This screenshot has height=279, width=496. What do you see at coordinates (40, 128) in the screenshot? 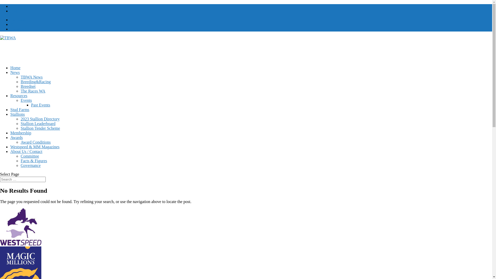
I see `'Stallion Tender Scheme'` at bounding box center [40, 128].